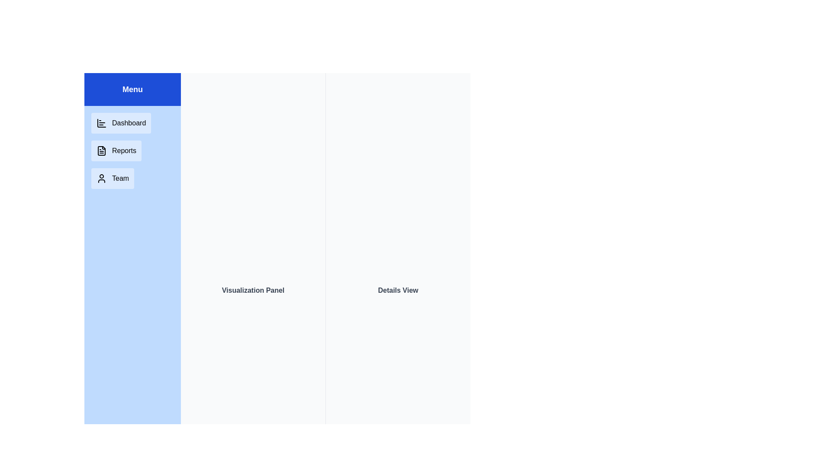 The image size is (831, 467). What do you see at coordinates (132, 90) in the screenshot?
I see `the header or label at the top of the sidebar menu, which indicates the purpose of the sidebar's options` at bounding box center [132, 90].